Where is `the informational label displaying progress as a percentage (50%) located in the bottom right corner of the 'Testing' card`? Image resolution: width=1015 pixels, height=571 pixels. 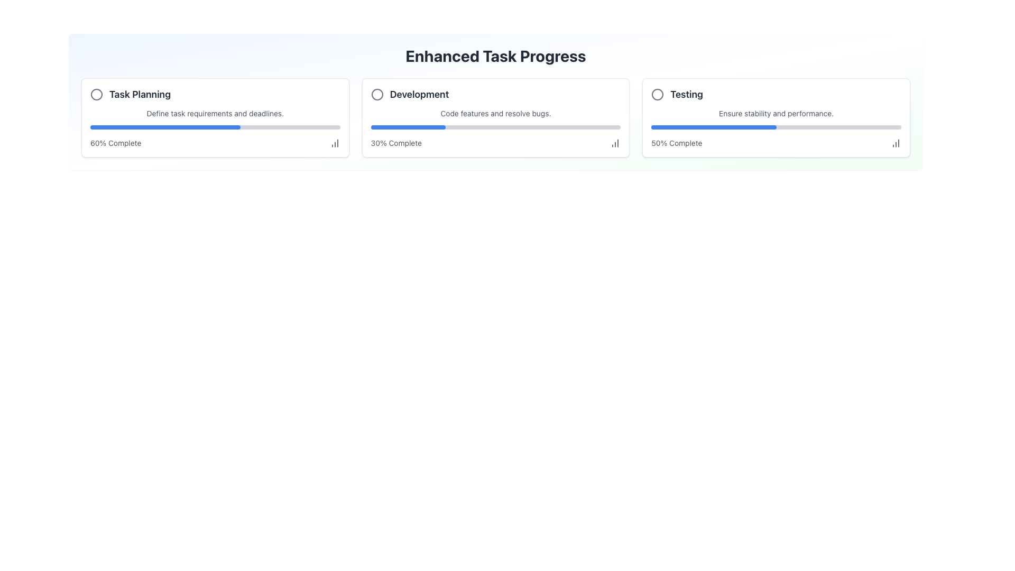 the informational label displaying progress as a percentage (50%) located in the bottom right corner of the 'Testing' card is located at coordinates (776, 143).